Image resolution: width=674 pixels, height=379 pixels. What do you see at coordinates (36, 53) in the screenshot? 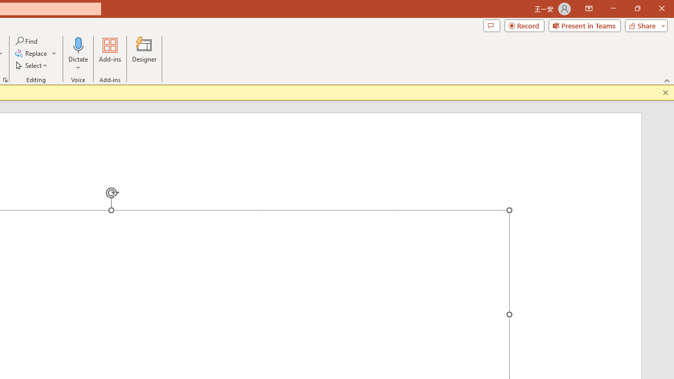
I see `'Replace...'` at bounding box center [36, 53].